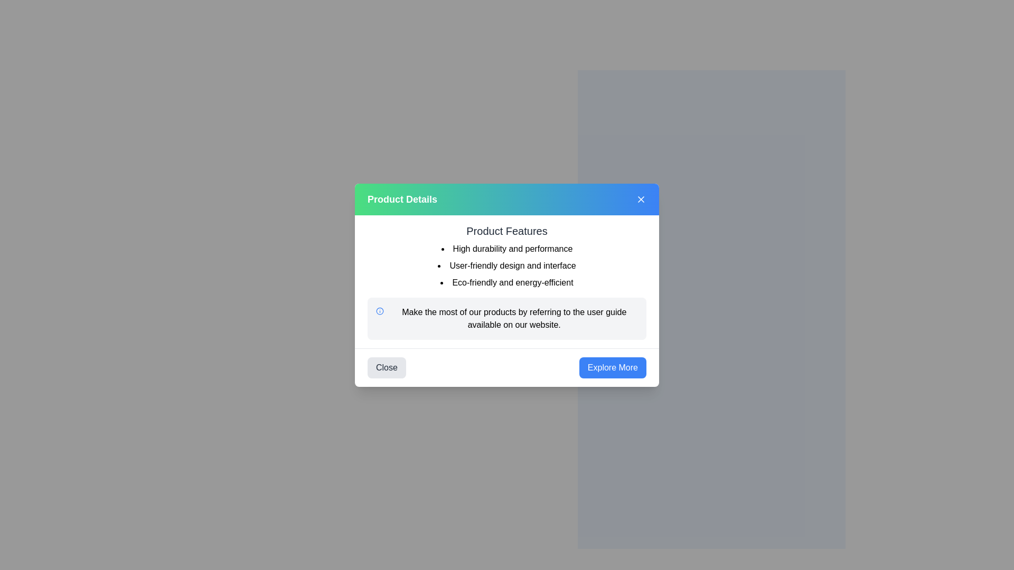  I want to click on the text label reading 'User-friendly design and interface' in the bulleted list, so click(507, 264).